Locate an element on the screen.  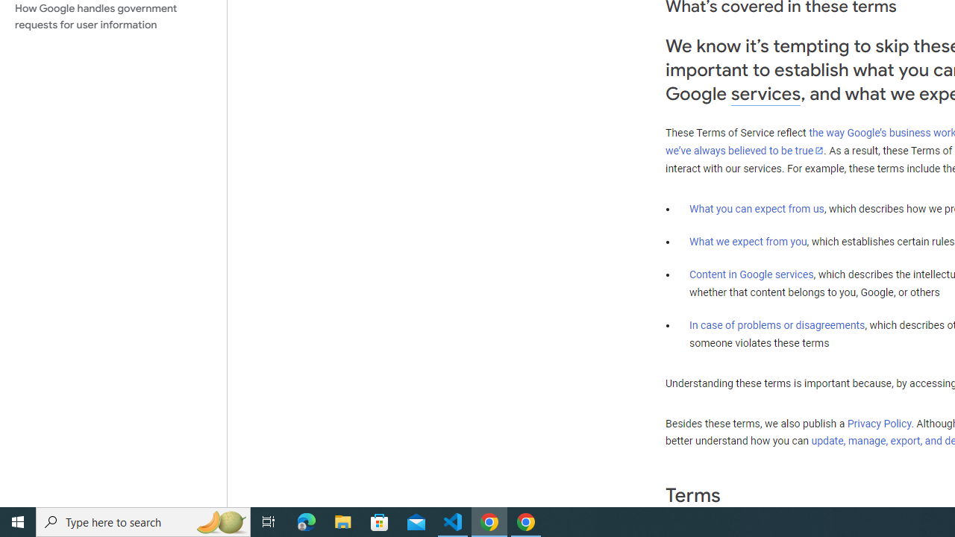
'What we expect from you' is located at coordinates (748, 241).